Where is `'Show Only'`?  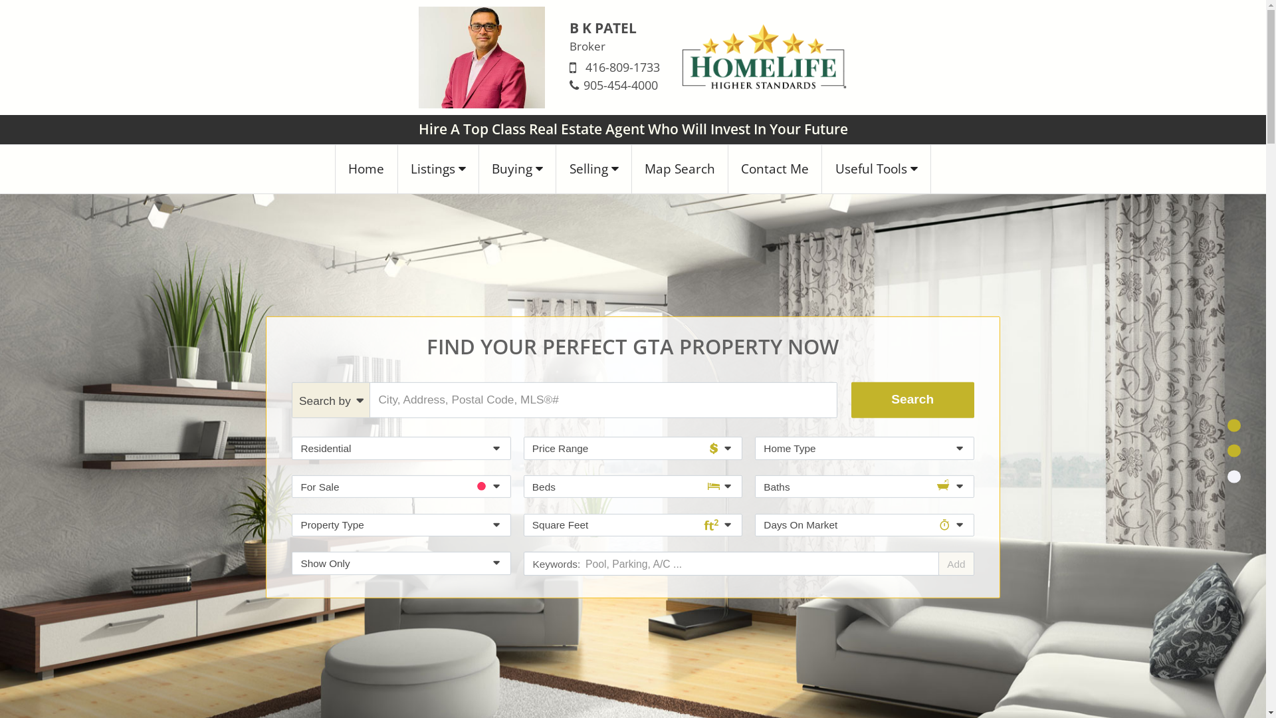 'Show Only' is located at coordinates (400, 563).